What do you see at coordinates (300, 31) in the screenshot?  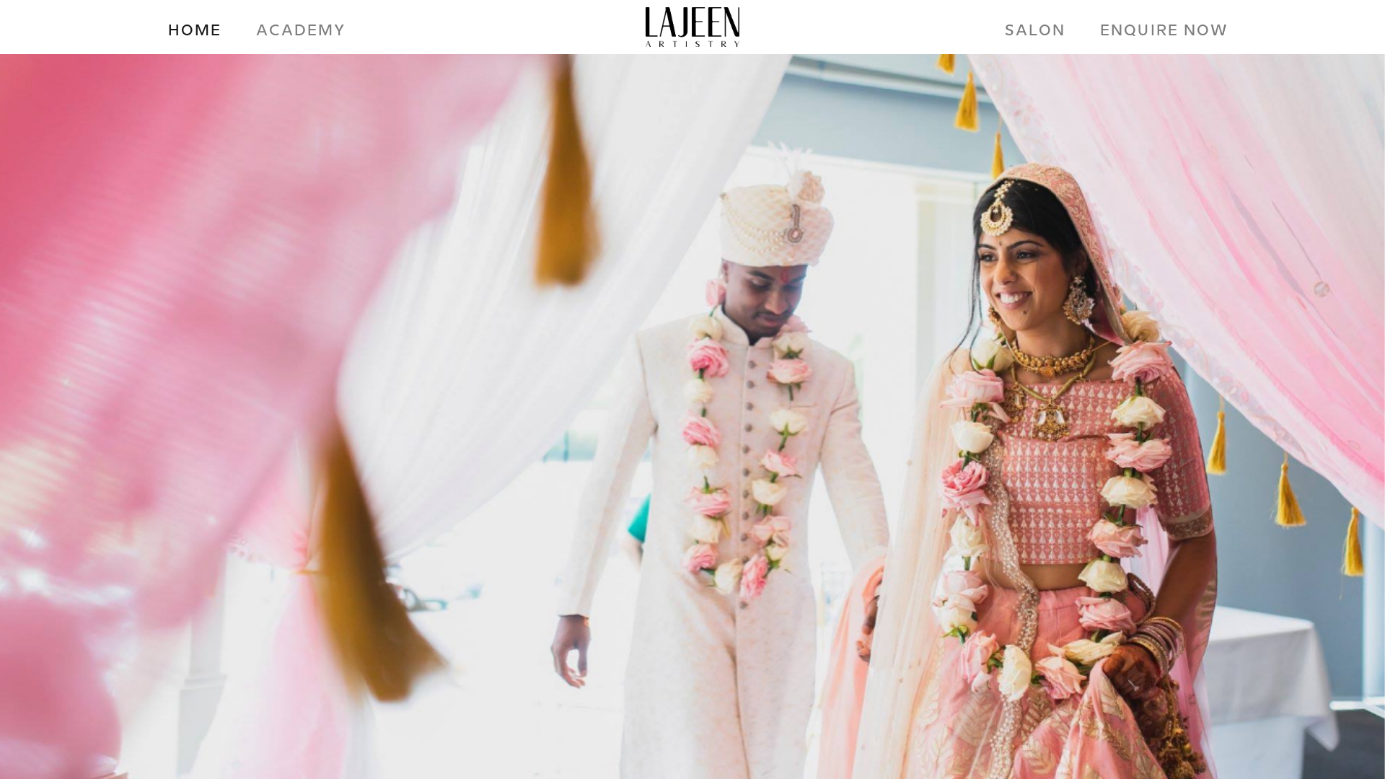 I see `'ACADEMY'` at bounding box center [300, 31].